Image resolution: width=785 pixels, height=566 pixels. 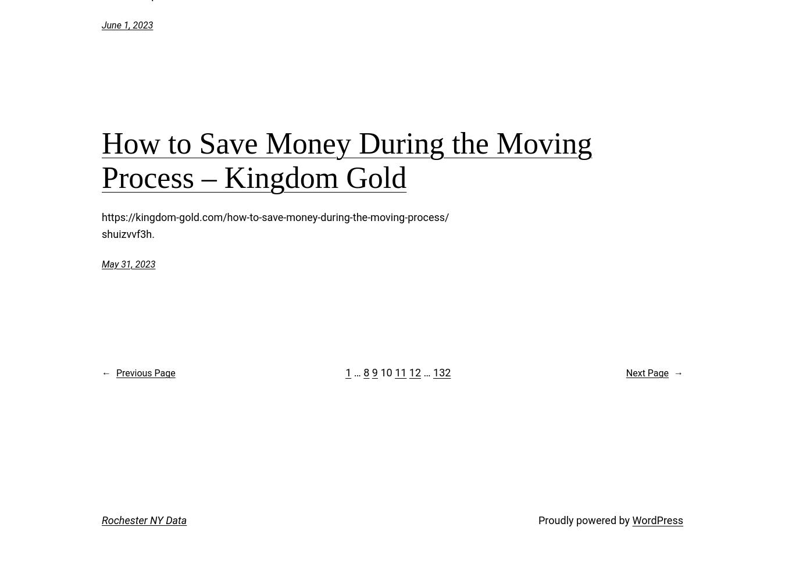 I want to click on '1', so click(x=348, y=372).